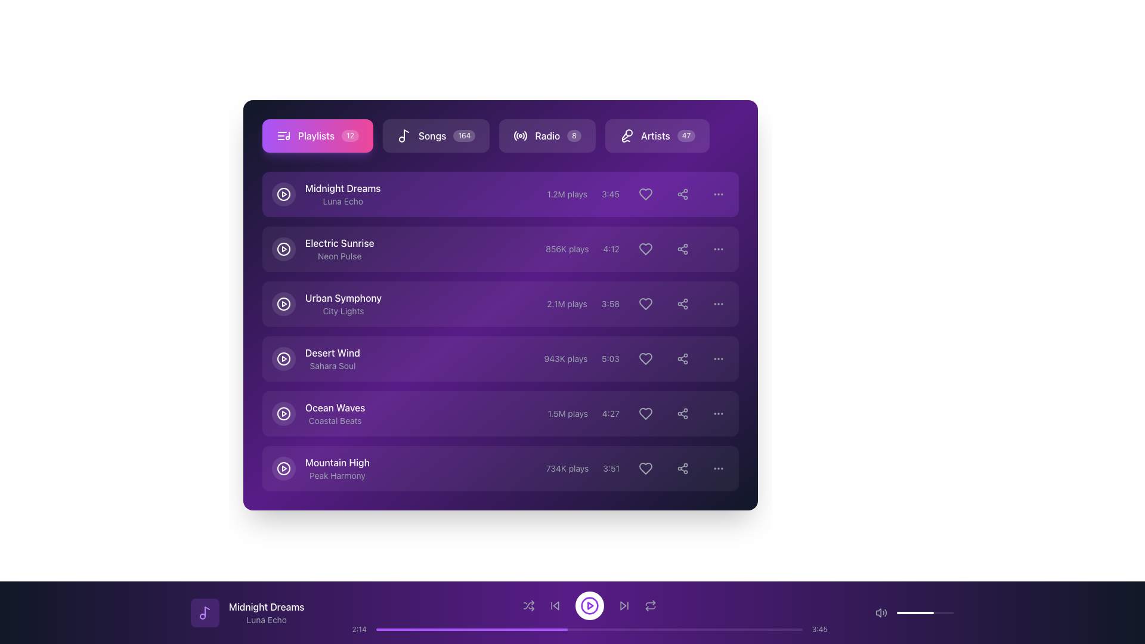  What do you see at coordinates (645, 248) in the screenshot?
I see `the 'like' button located to the right of the '856K plays' and '4:12' text fields, and to the left of the share icon button` at bounding box center [645, 248].